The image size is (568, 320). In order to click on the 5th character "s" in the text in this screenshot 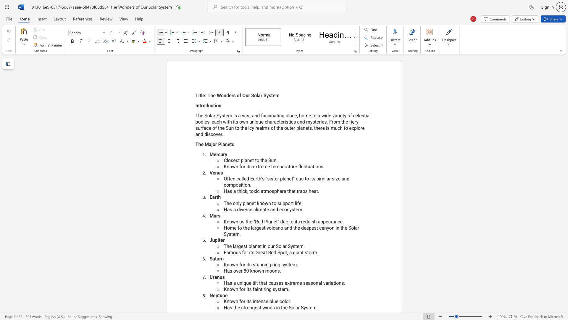, I will do `click(312, 283)`.